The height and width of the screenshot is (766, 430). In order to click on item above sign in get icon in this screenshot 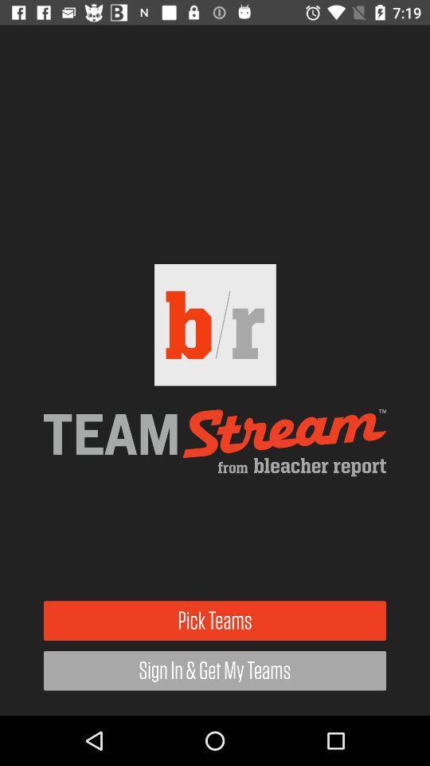, I will do `click(215, 620)`.